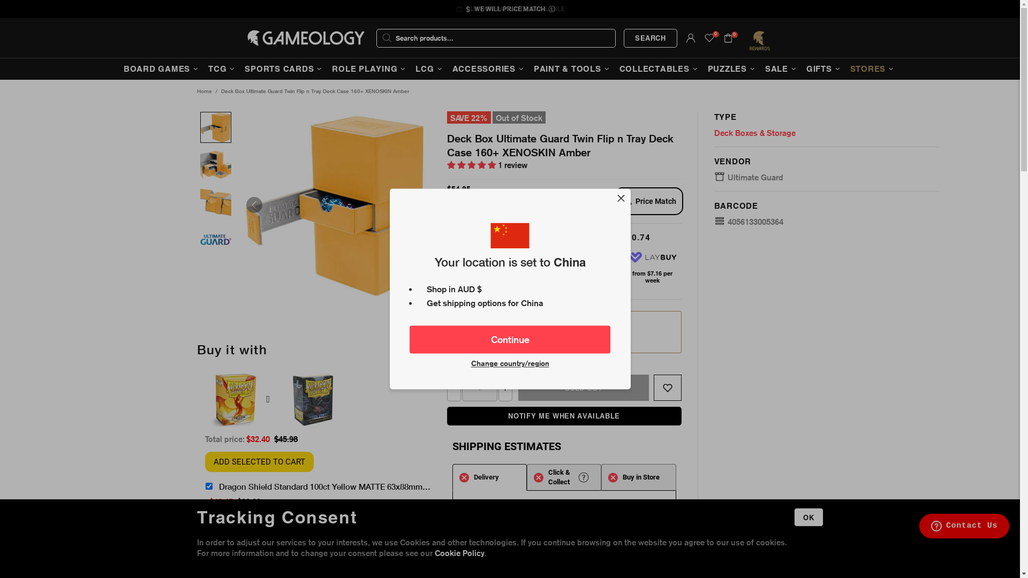  I want to click on 'ADD SELECTED TO CART', so click(259, 461).